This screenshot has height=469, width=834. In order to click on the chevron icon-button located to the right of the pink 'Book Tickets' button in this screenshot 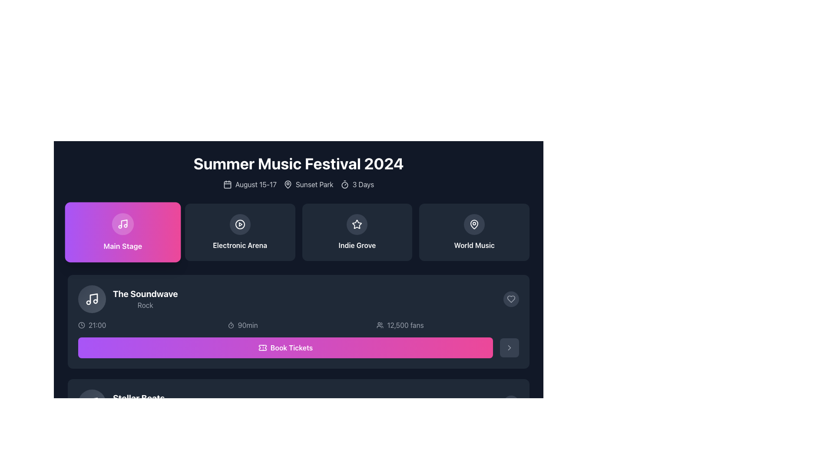, I will do `click(509, 347)`.